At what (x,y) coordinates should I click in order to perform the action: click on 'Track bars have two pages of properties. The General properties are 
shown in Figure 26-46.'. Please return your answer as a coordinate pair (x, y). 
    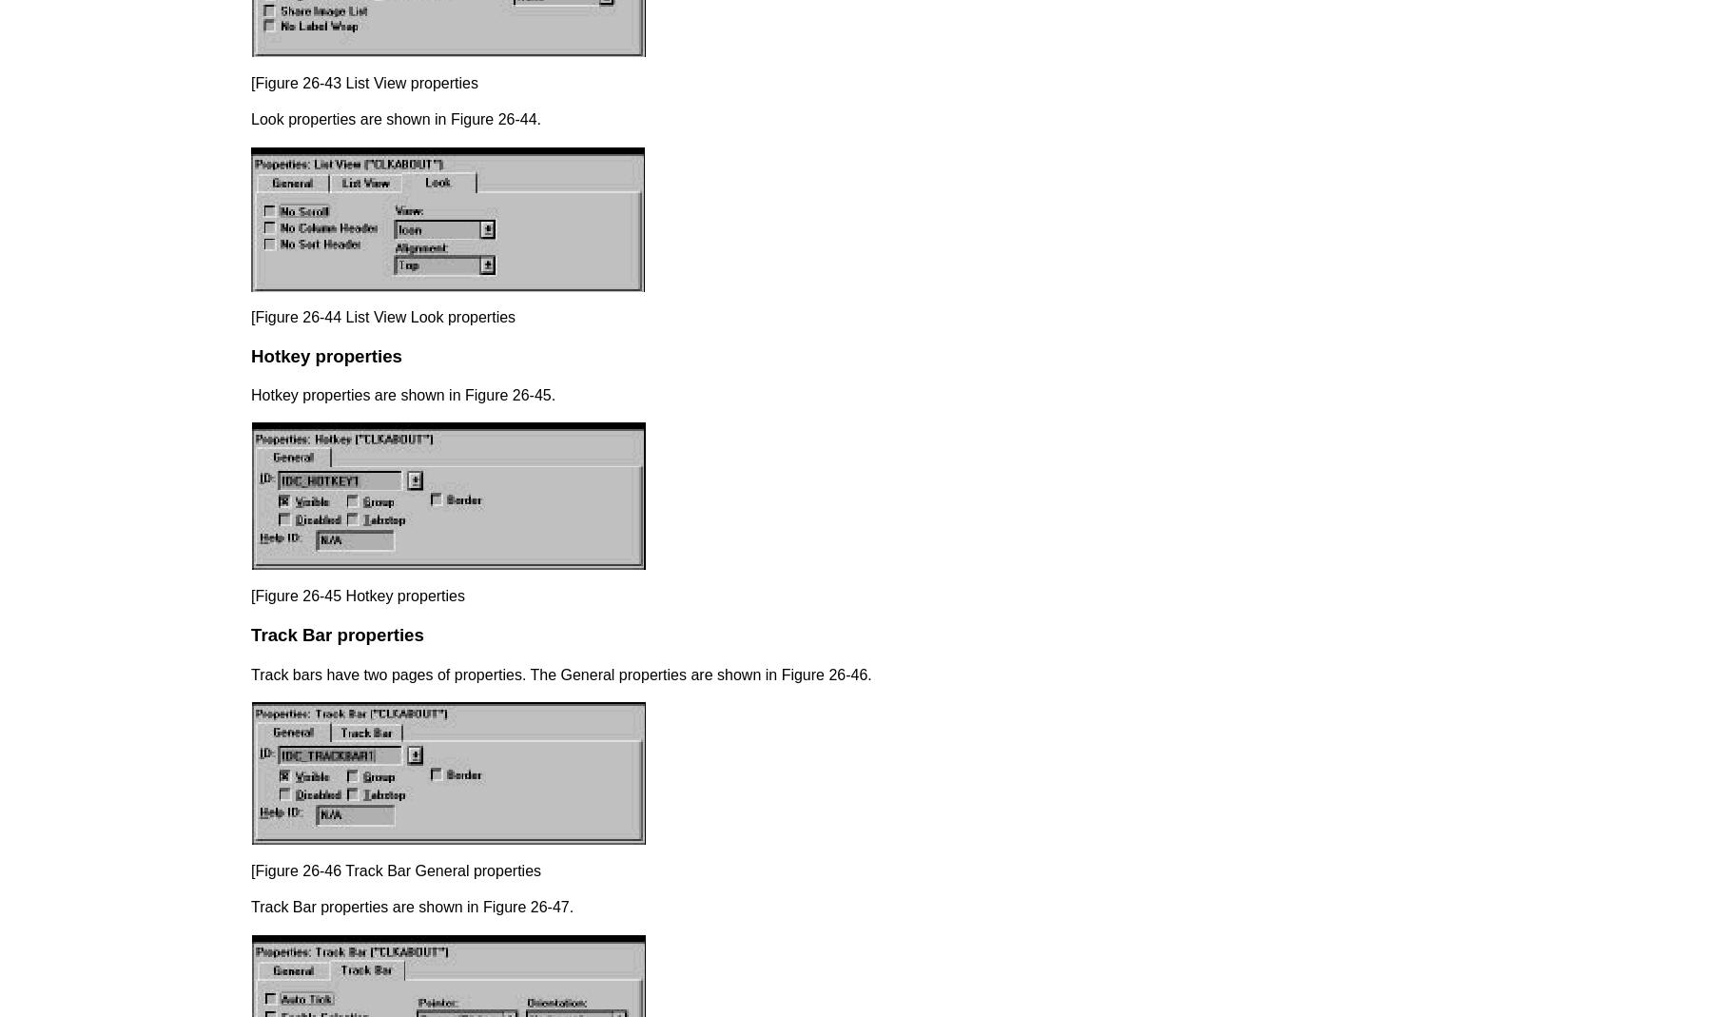
    Looking at the image, I should click on (561, 673).